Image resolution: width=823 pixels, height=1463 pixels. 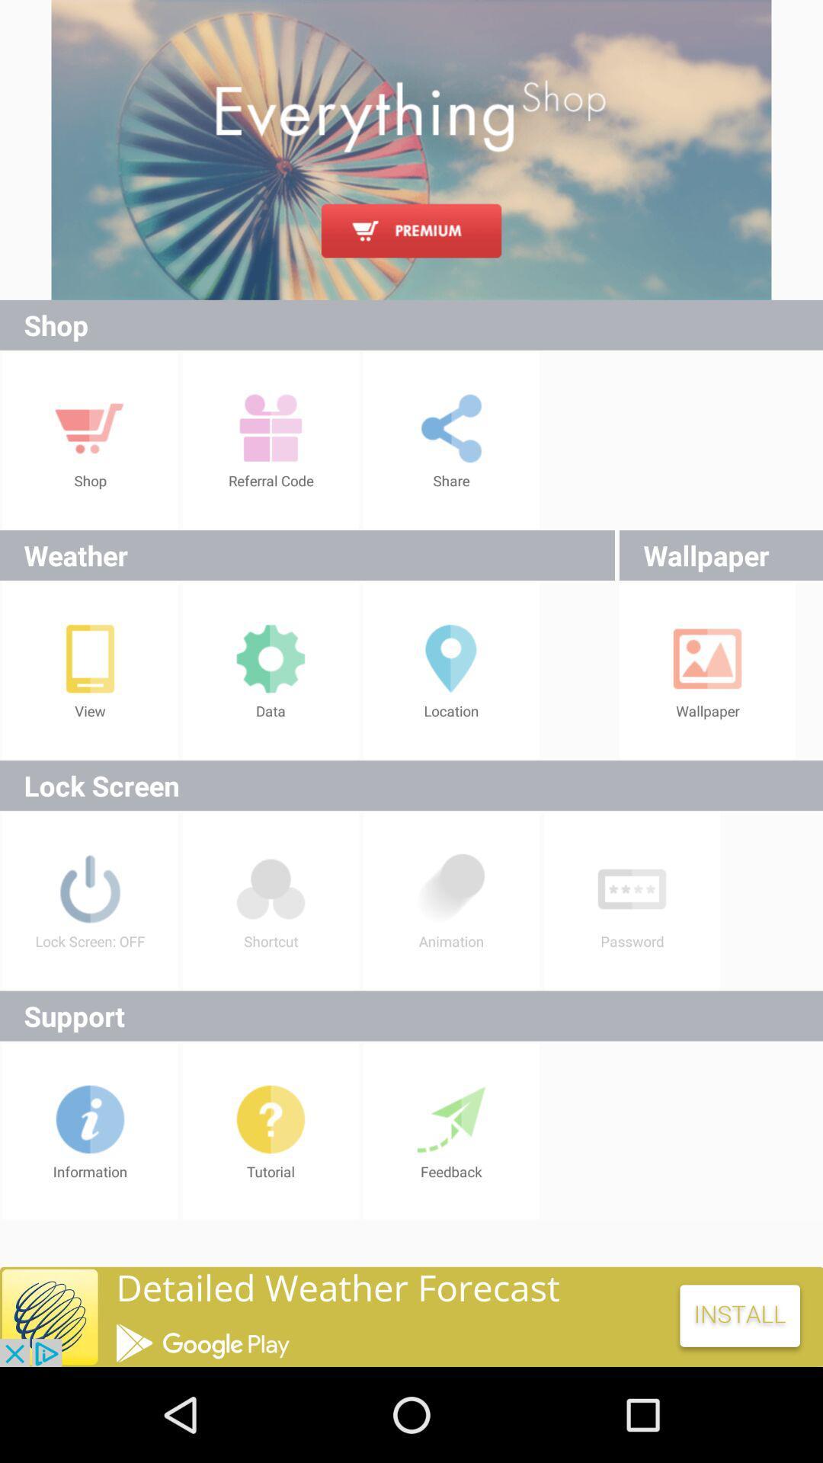 I want to click on advertisement at bottom, so click(x=411, y=1316).